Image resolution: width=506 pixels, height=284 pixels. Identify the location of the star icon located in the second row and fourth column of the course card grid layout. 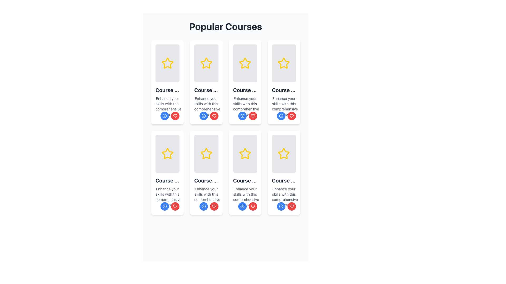
(206, 154).